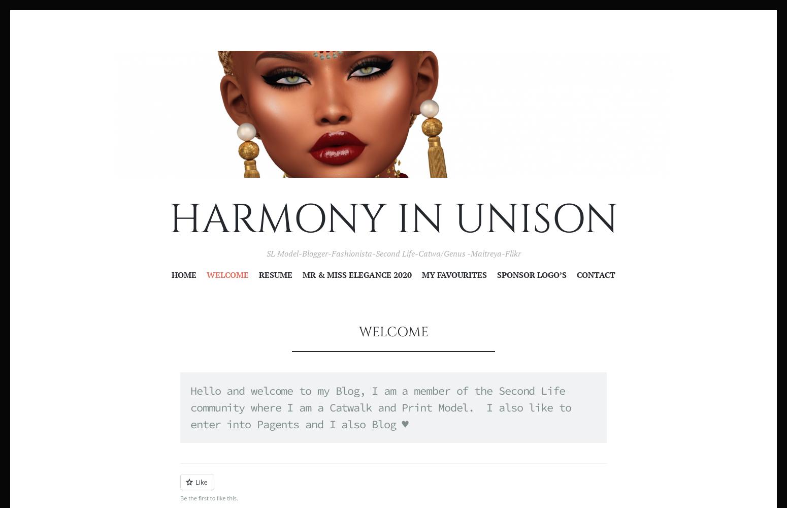  What do you see at coordinates (393, 253) in the screenshot?
I see `'SL Model-Blogger-Fashionista-Second Life-Catwa/Genus -Maitreya-Flikr'` at bounding box center [393, 253].